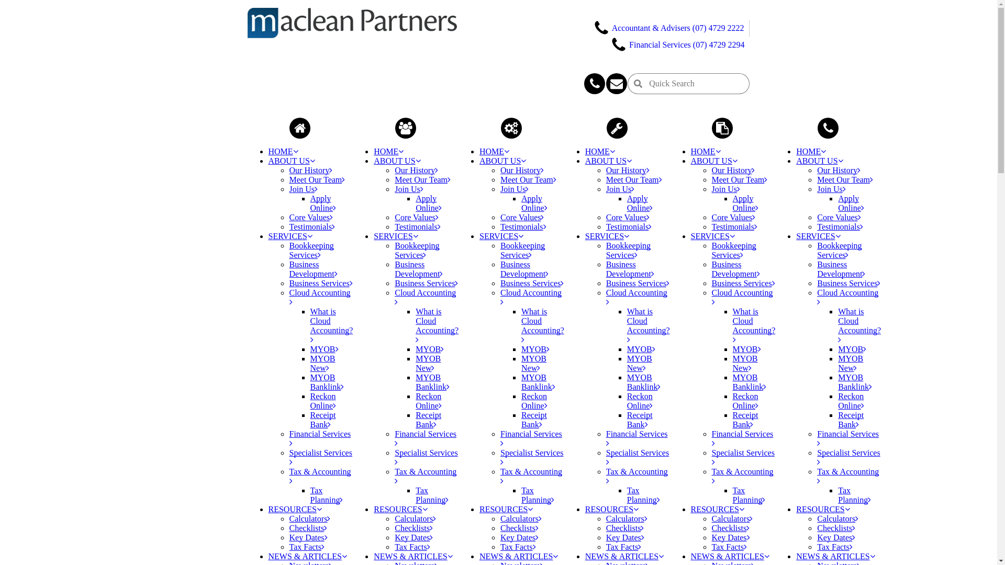 The height and width of the screenshot is (565, 1005). Describe the element at coordinates (636, 438) in the screenshot. I see `'Financial Services'` at that location.